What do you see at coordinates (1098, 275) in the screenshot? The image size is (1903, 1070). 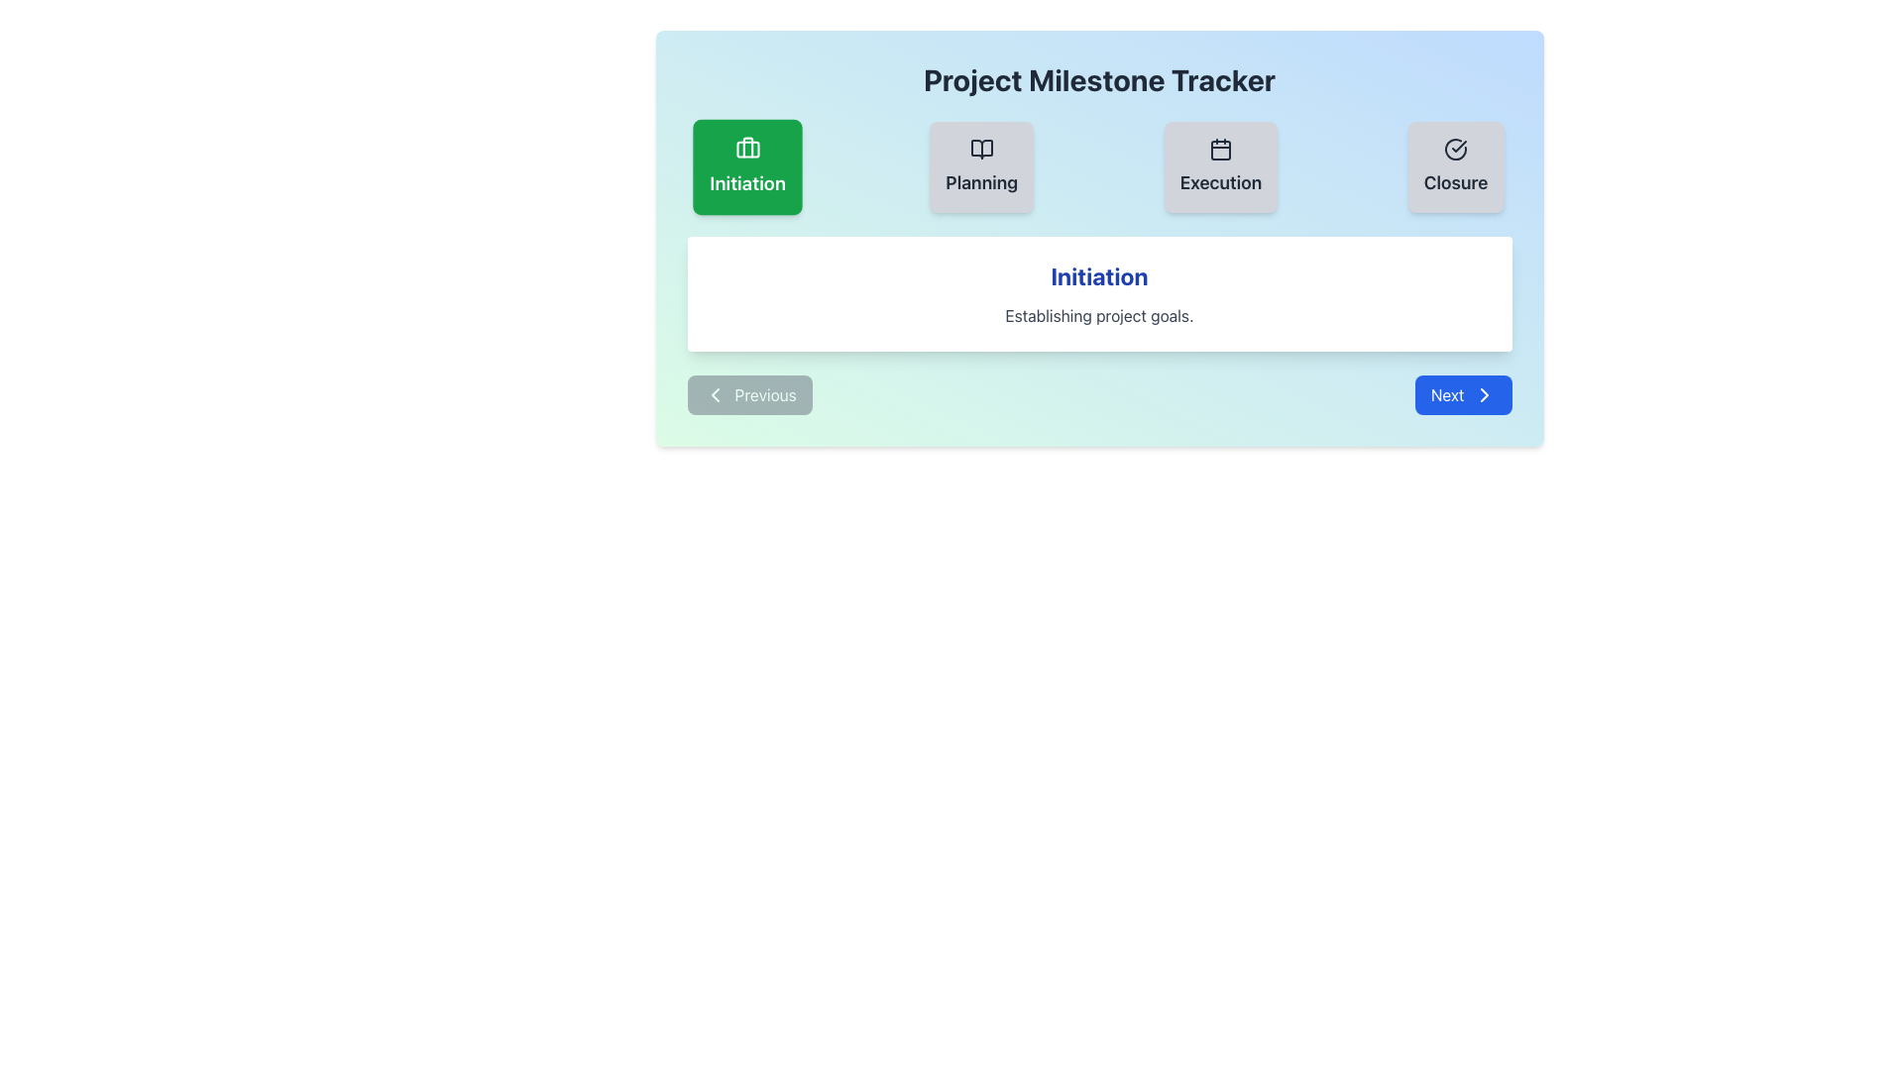 I see `the Text Label that serves as a title or heading for the current phase, positioned above the 'Establishing project goals.' text` at bounding box center [1098, 275].